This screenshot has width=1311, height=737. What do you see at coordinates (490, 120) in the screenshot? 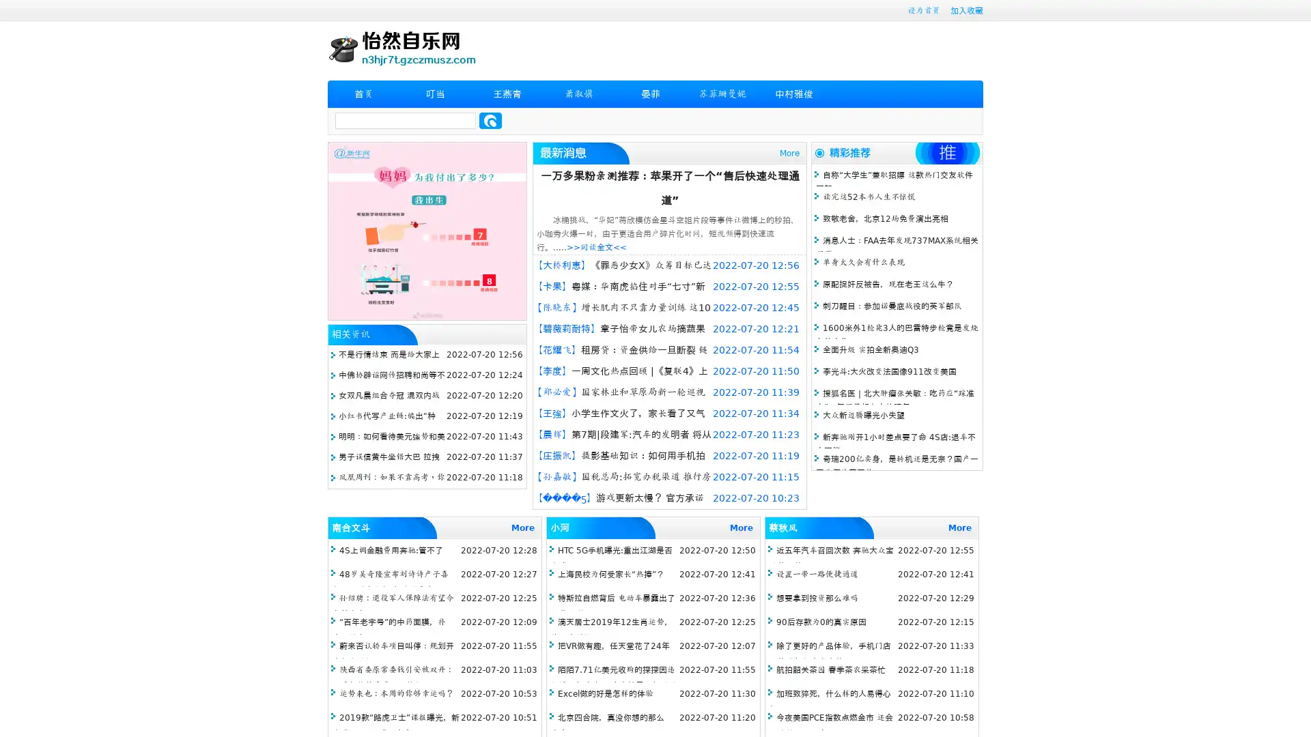
I see `Search` at bounding box center [490, 120].